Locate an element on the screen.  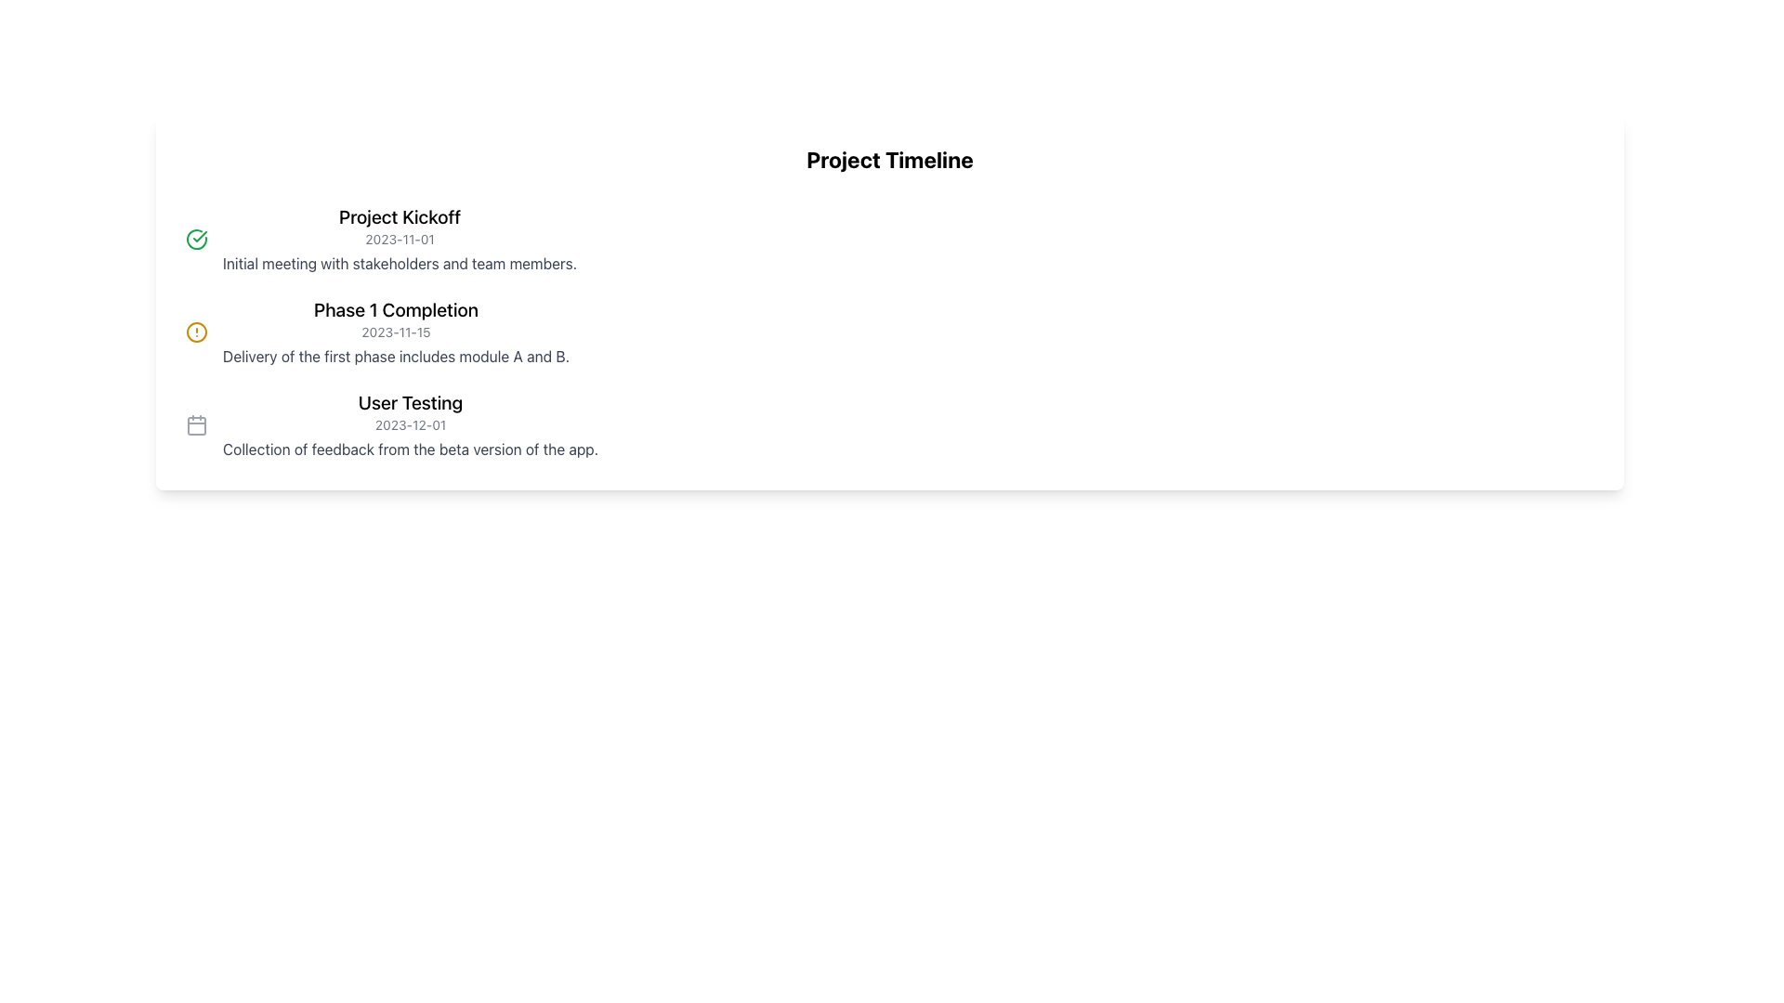
the circular green icon with a checkmark, which indicates success or completion, located to the left of the 'Project Kickoff' title is located at coordinates (196, 239).